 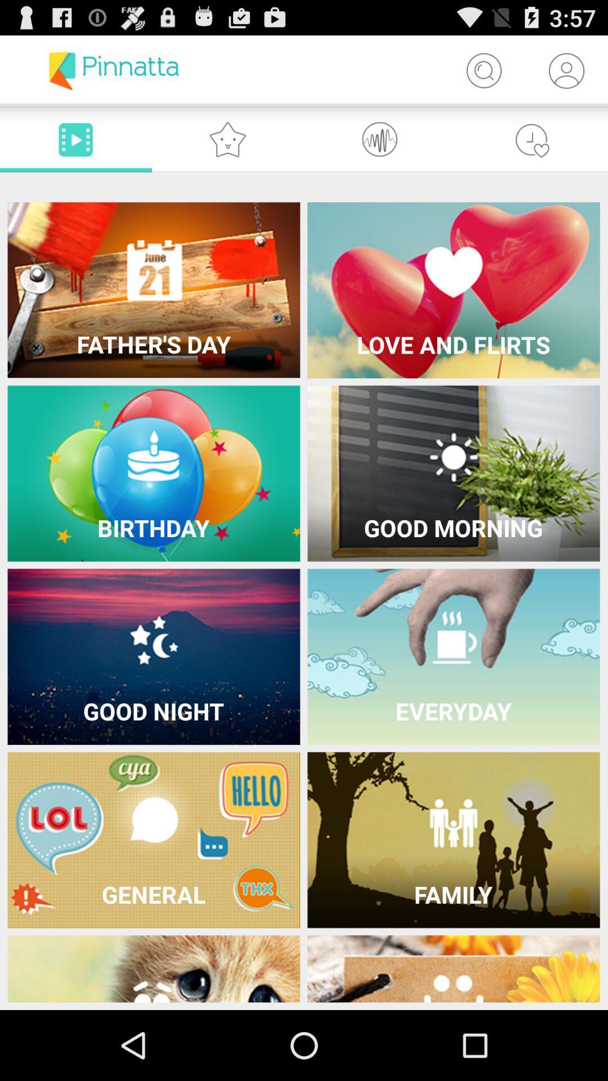 I want to click on search icon, so click(x=483, y=70).